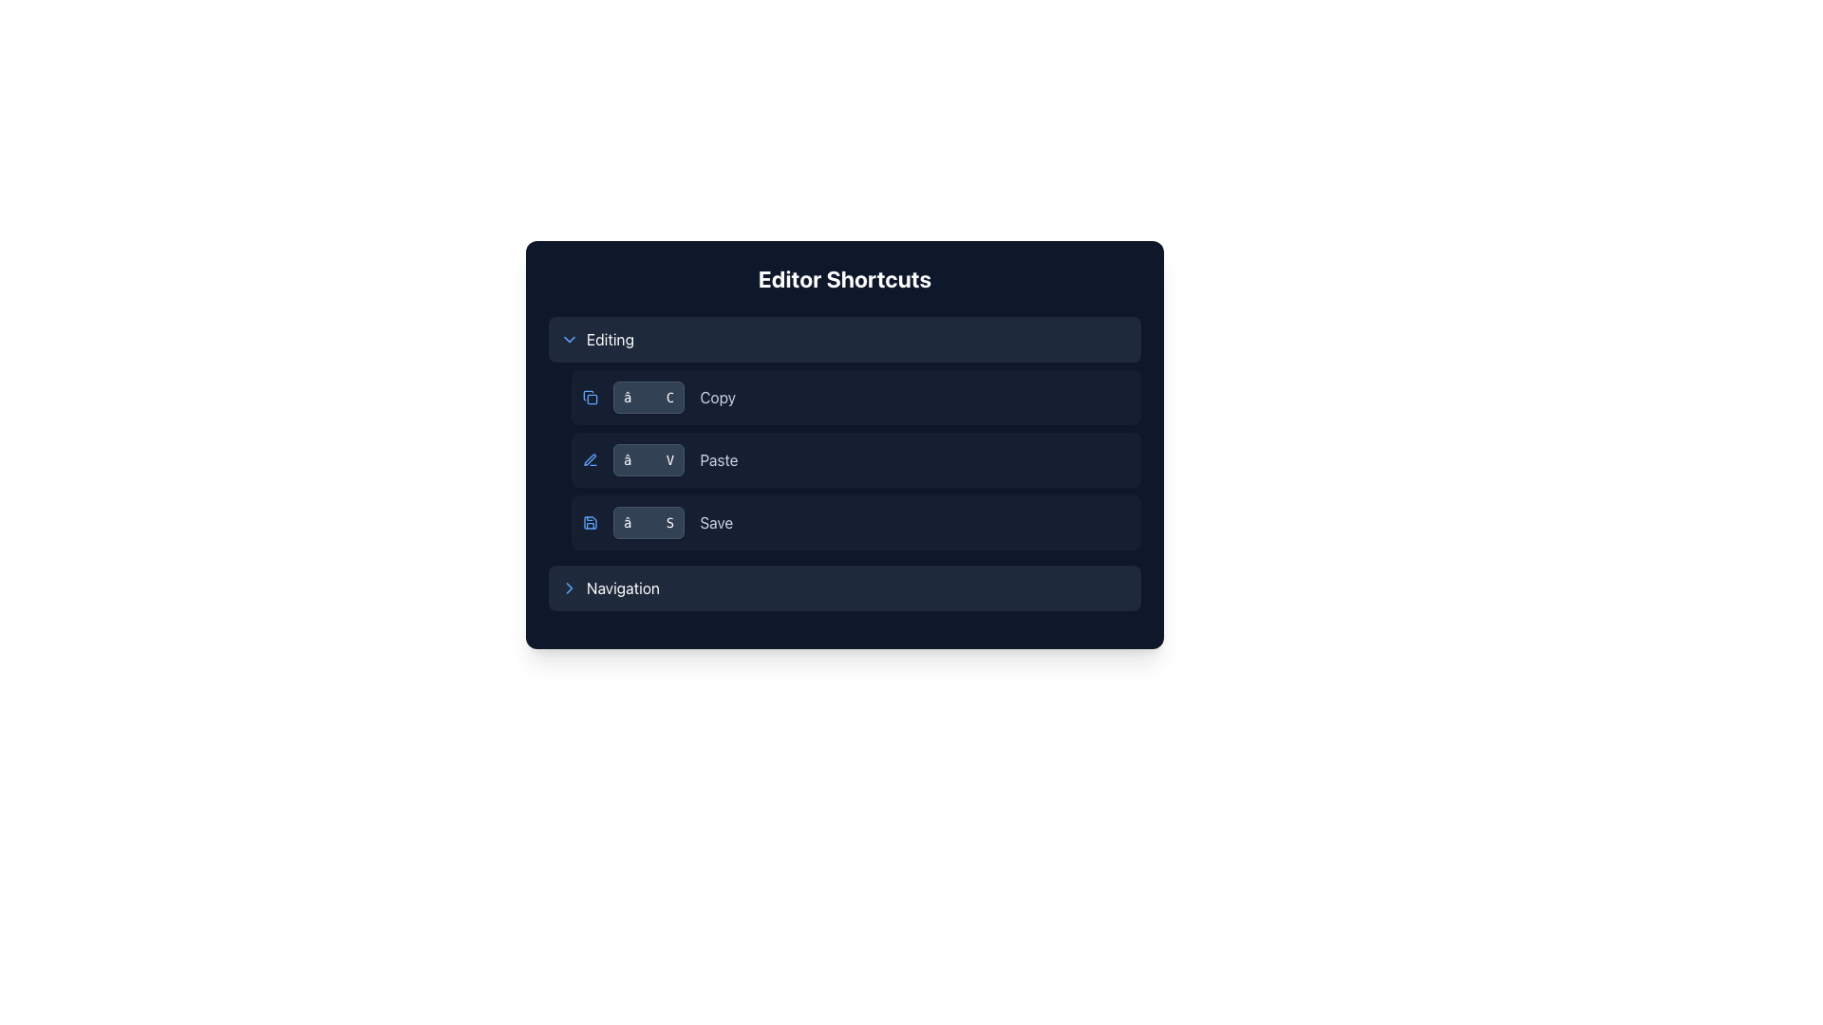 Image resolution: width=1823 pixels, height=1025 pixels. Describe the element at coordinates (590, 397) in the screenshot. I see `the Copy icon located in the top row under the 'Editing' category of the 'Editor Shortcuts' menu, which precedes the shortcut key combination '⌘ C'` at that location.